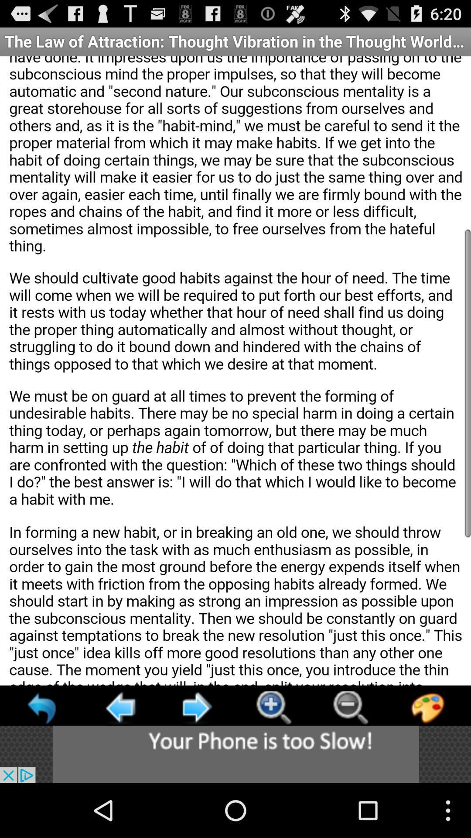 The width and height of the screenshot is (471, 838). Describe the element at coordinates (273, 707) in the screenshot. I see `magnify text on page` at that location.